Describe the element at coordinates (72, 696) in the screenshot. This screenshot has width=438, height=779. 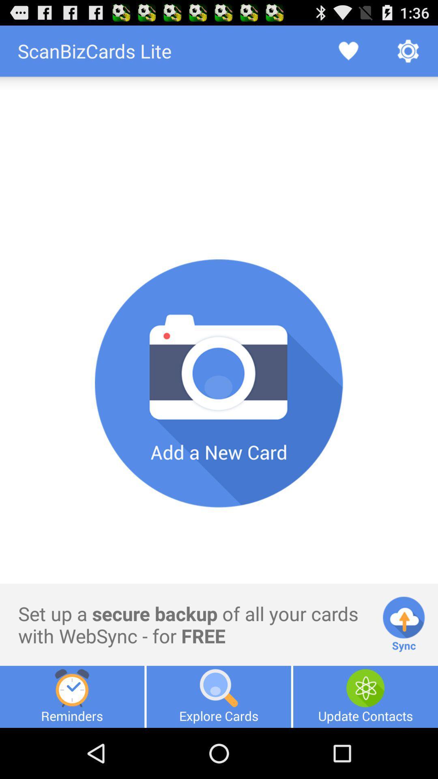
I see `the icon below set up a item` at that location.